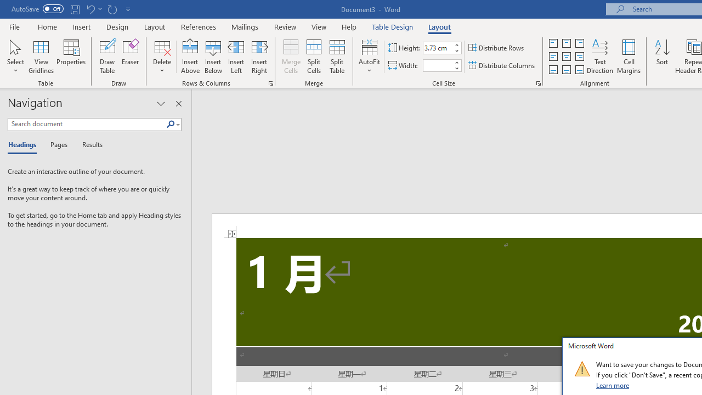 The height and width of the screenshot is (395, 702). I want to click on 'Learn more', so click(613, 385).